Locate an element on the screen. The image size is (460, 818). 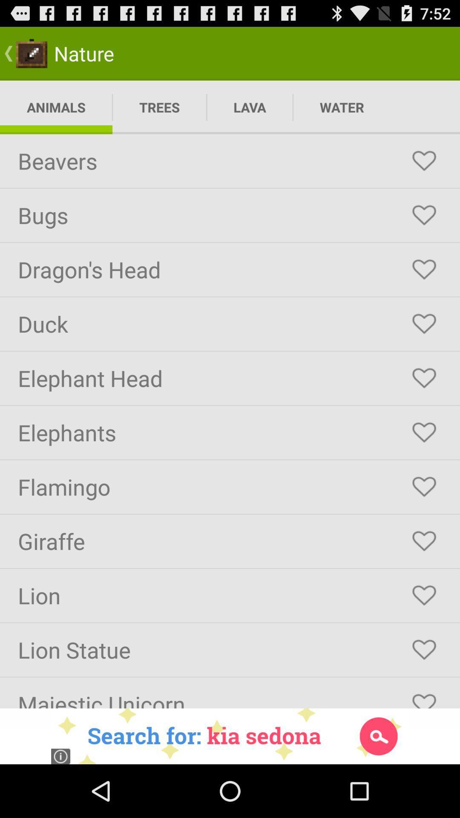
to favorite is located at coordinates (424, 697).